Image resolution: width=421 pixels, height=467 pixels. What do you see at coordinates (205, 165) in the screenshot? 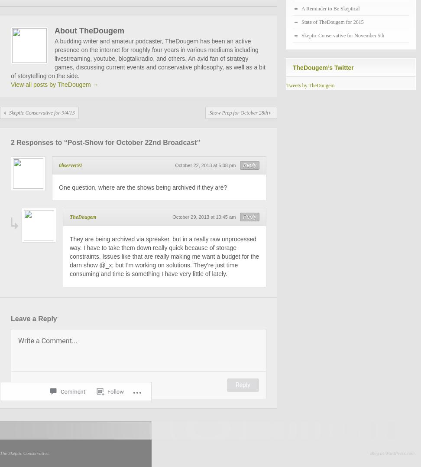
I see `'October 22, 2013 at 5:08 pm'` at bounding box center [205, 165].